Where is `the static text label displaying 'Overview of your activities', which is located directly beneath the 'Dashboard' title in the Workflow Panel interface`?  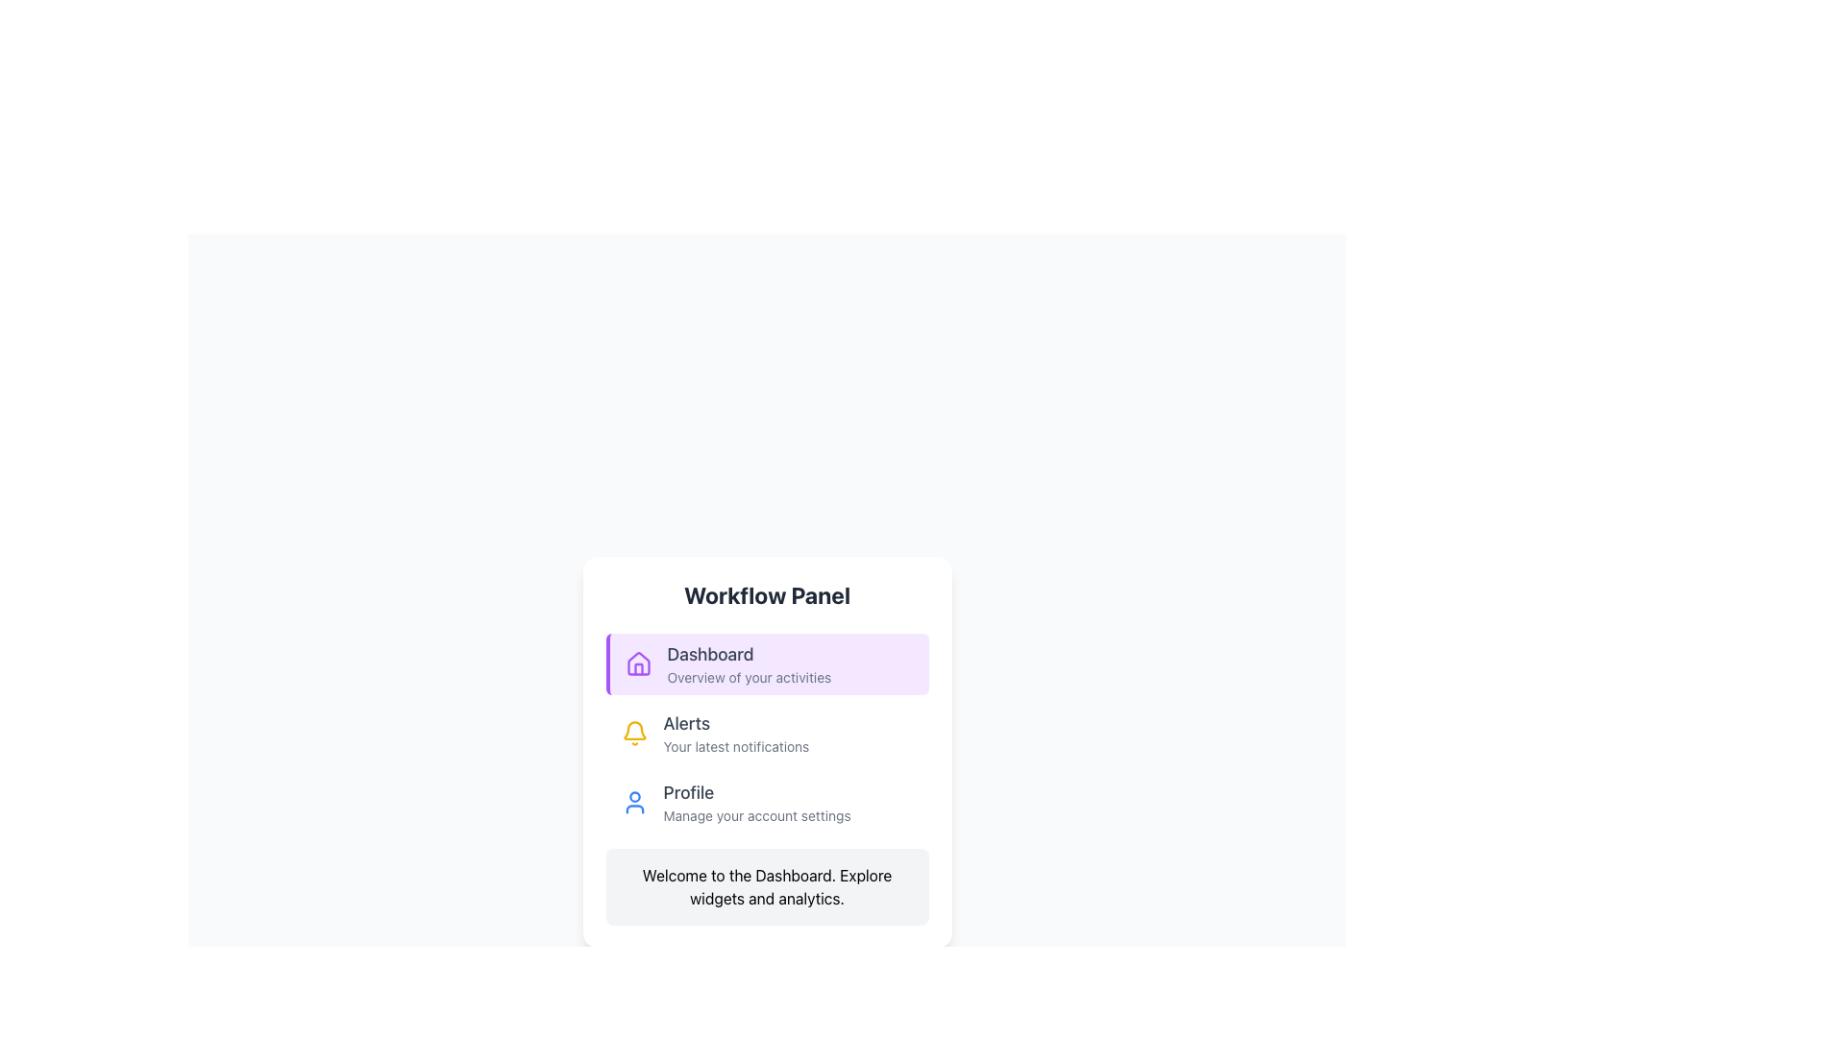 the static text label displaying 'Overview of your activities', which is located directly beneath the 'Dashboard' title in the Workflow Panel interface is located at coordinates (748, 676).